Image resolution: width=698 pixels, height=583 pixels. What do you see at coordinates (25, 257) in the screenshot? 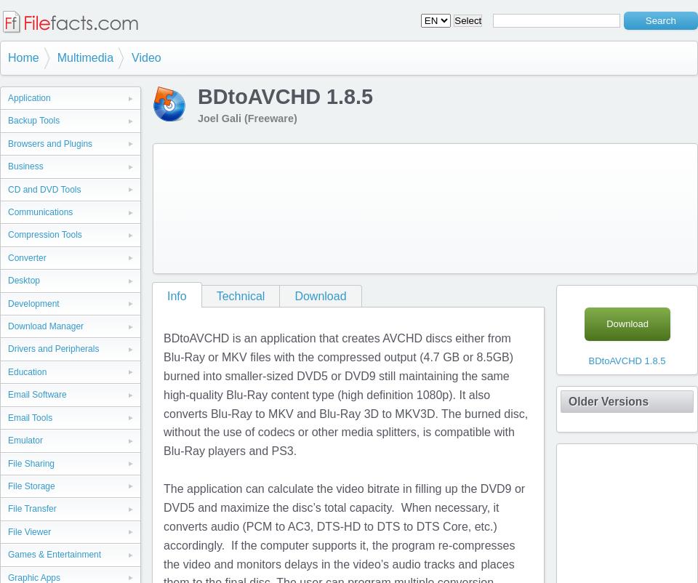
I see `'Converter'` at bounding box center [25, 257].